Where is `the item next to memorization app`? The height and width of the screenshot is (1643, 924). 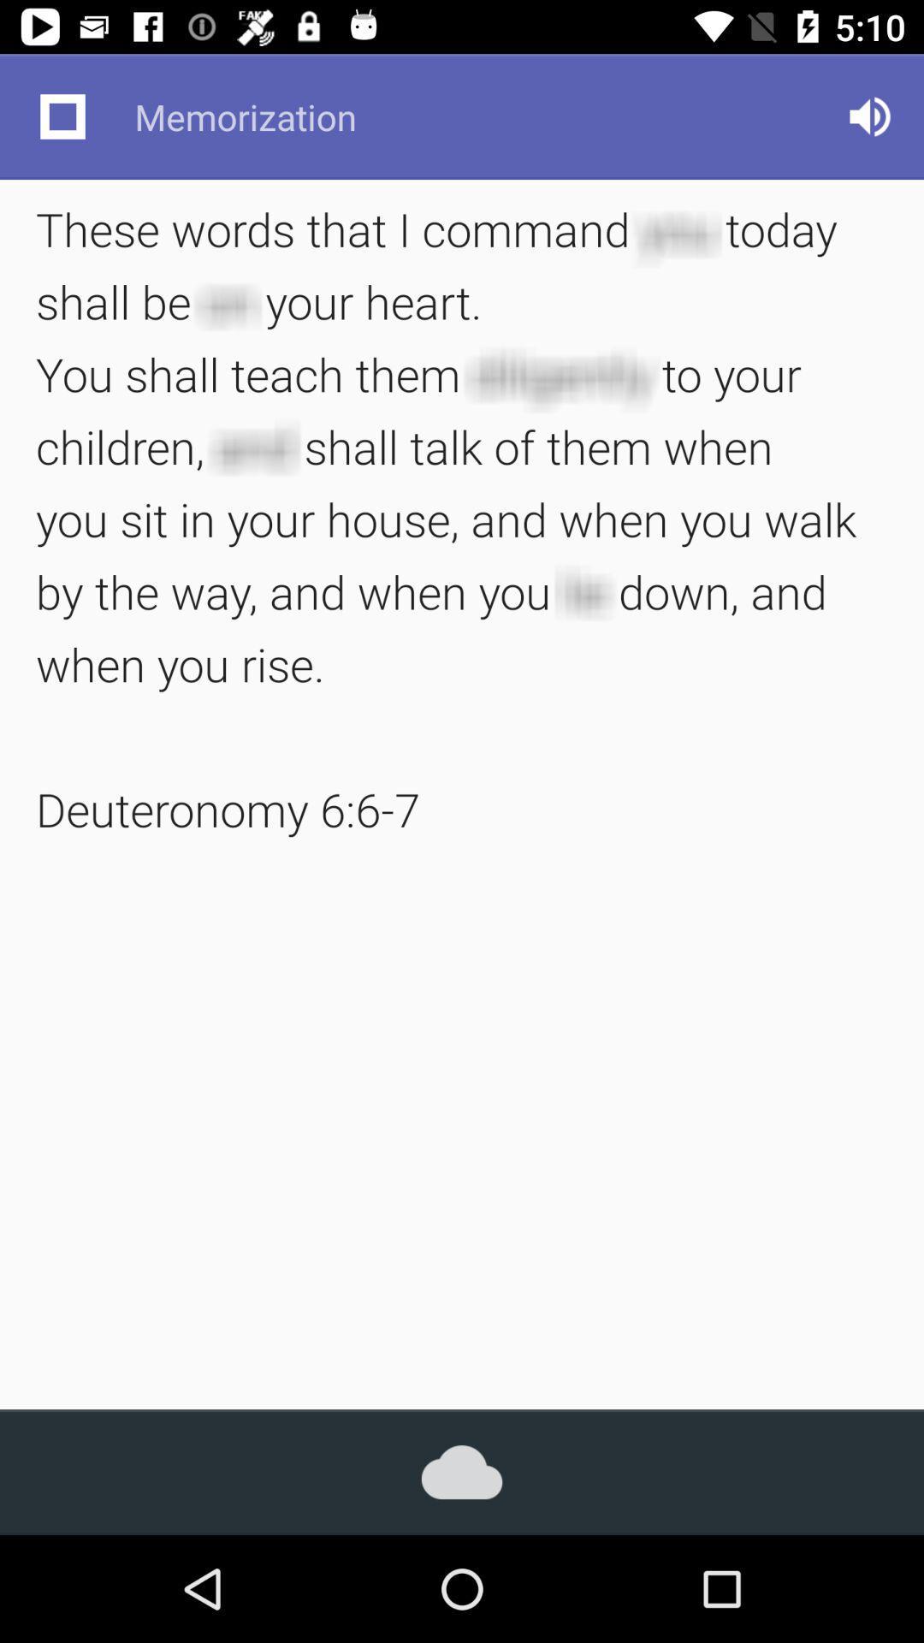 the item next to memorization app is located at coordinates (62, 116).